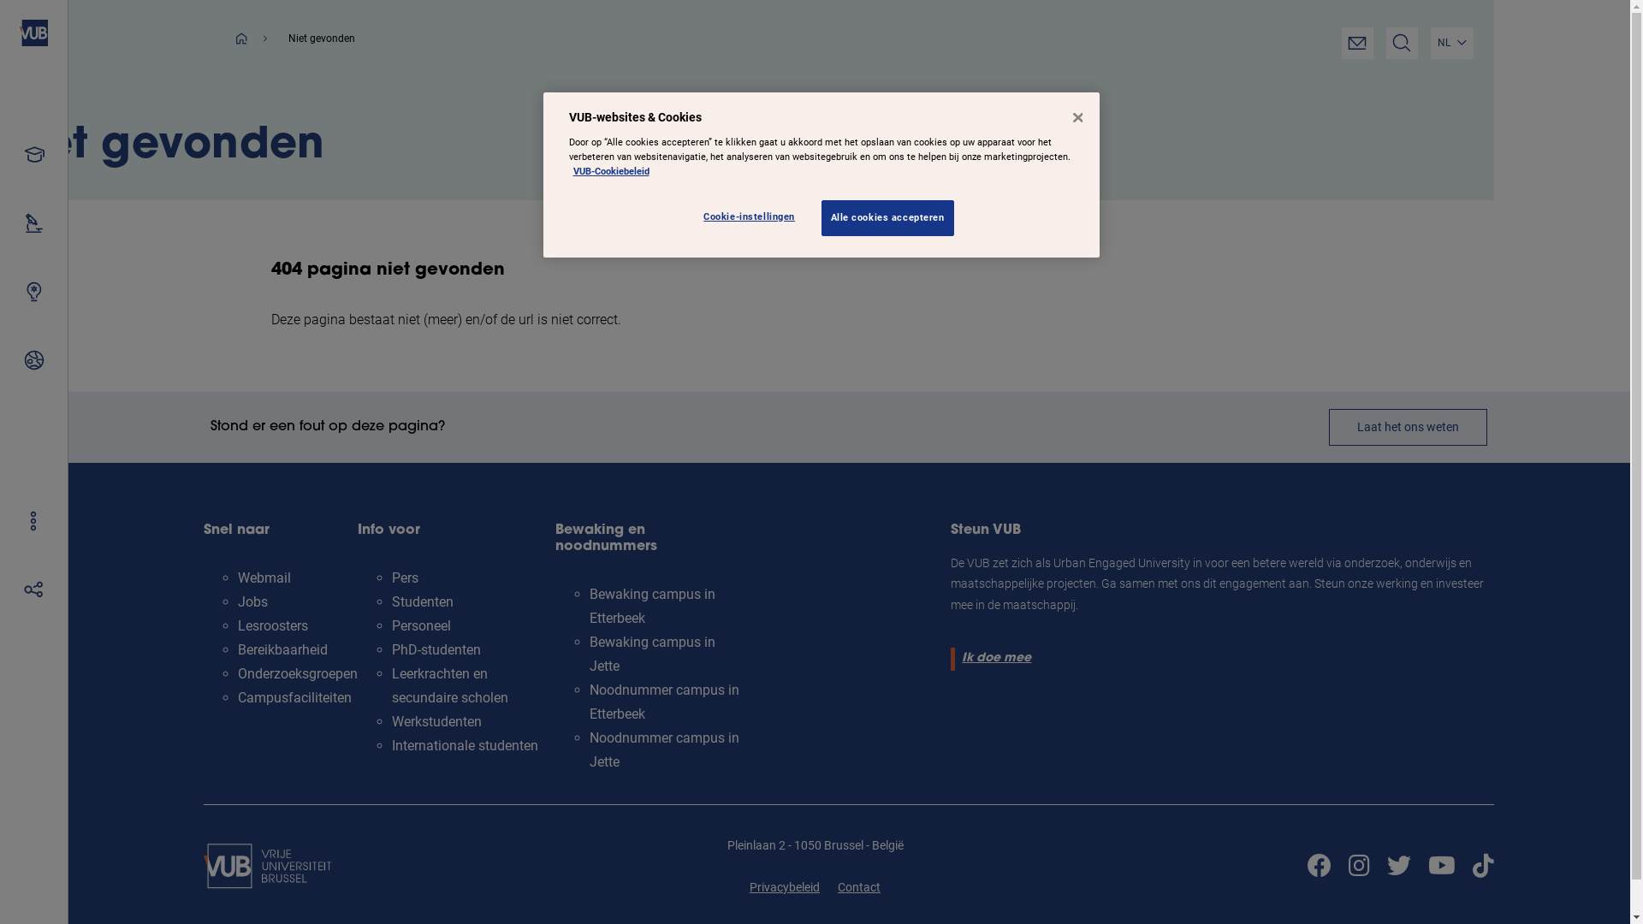  Describe the element at coordinates (651, 605) in the screenshot. I see `'Bewaking campus in Etterbeek'` at that location.